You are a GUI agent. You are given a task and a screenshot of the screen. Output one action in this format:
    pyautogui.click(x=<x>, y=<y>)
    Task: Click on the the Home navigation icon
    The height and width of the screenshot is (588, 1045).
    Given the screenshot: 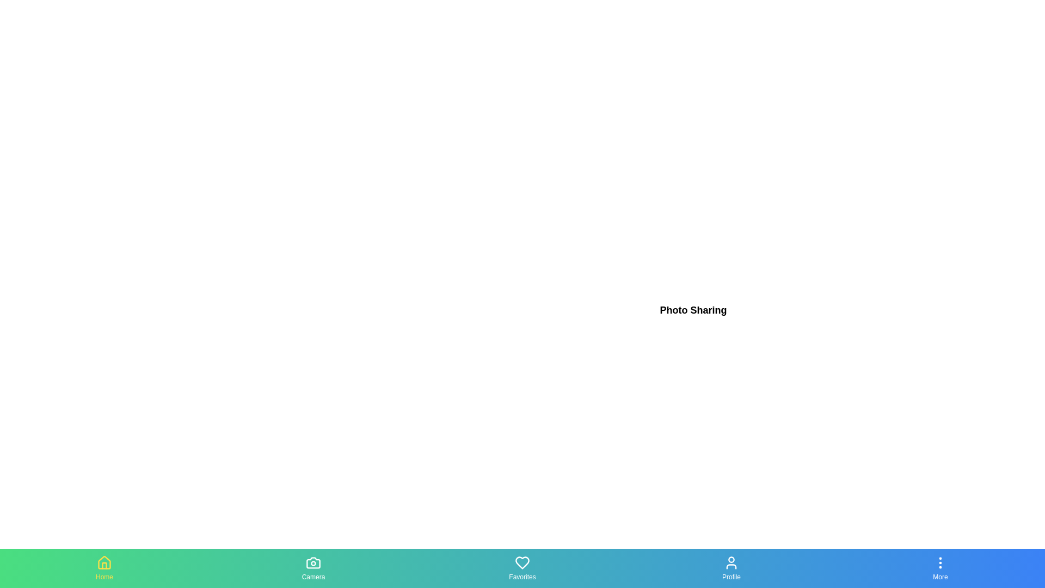 What is the action you would take?
    pyautogui.click(x=104, y=568)
    